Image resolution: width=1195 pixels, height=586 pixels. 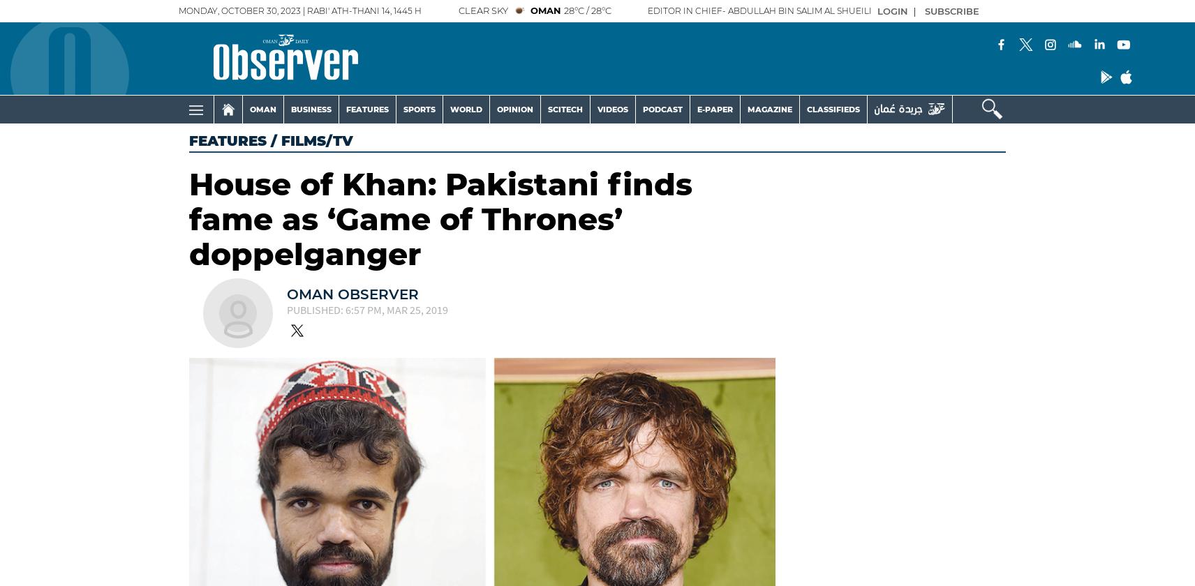 I want to click on 'SPORTS', so click(x=402, y=109).